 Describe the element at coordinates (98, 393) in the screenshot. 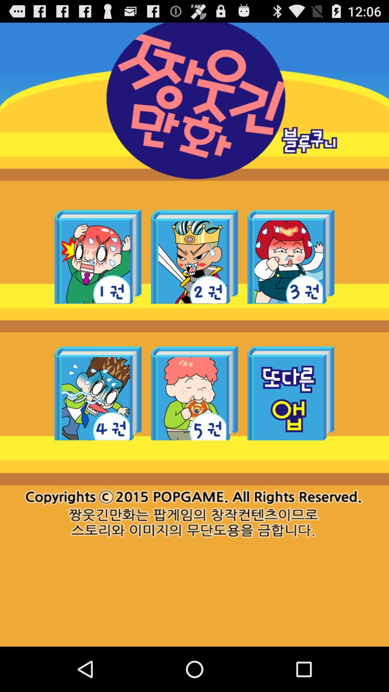

I see `flashing to click on japanese game` at that location.